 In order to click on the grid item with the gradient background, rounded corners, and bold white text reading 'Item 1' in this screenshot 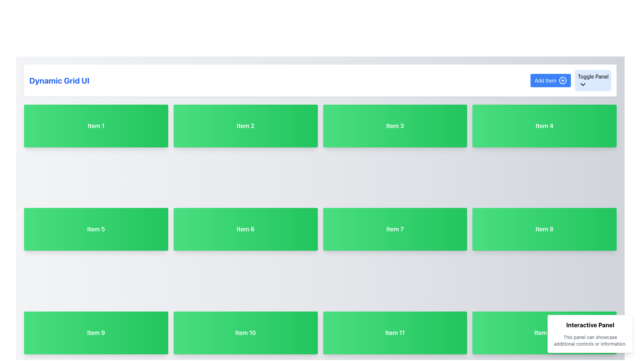, I will do `click(95, 126)`.